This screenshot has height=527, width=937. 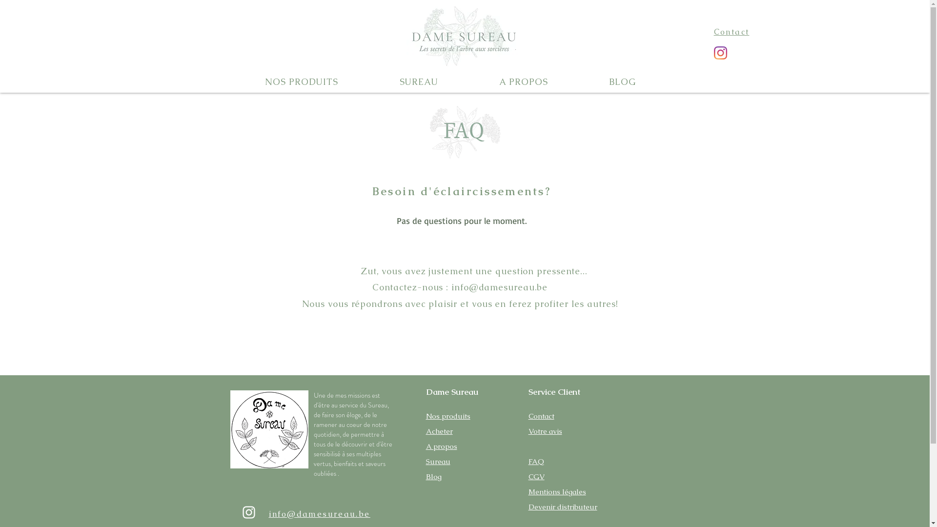 What do you see at coordinates (562, 506) in the screenshot?
I see `'Devenir distributeur'` at bounding box center [562, 506].